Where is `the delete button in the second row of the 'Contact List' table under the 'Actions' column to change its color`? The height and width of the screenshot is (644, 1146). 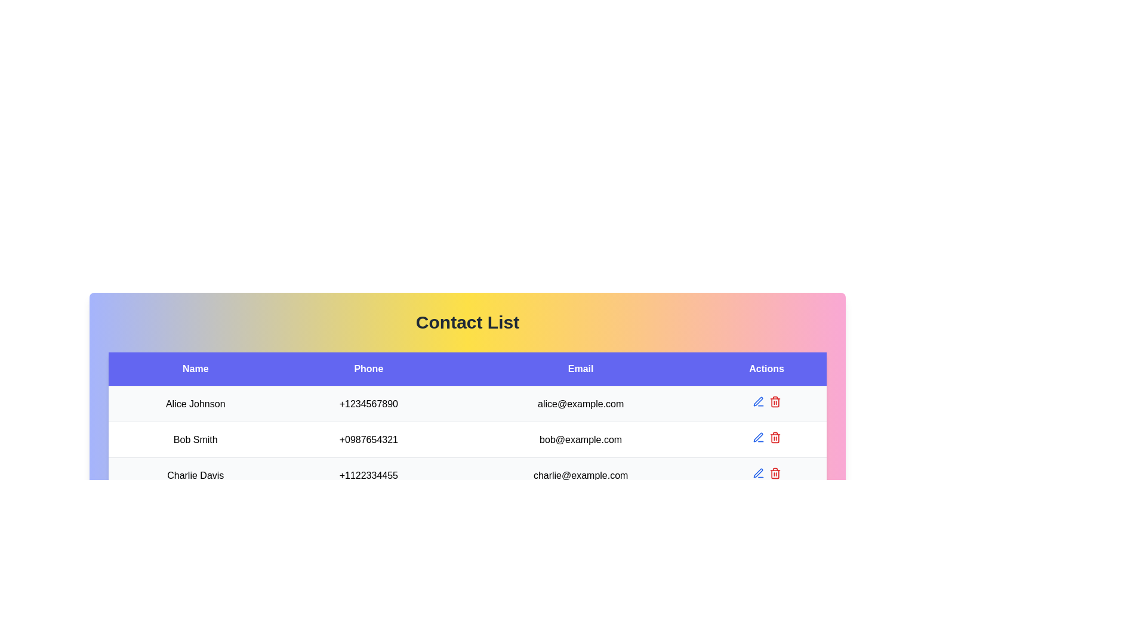 the delete button in the second row of the 'Contact List' table under the 'Actions' column to change its color is located at coordinates (775, 437).